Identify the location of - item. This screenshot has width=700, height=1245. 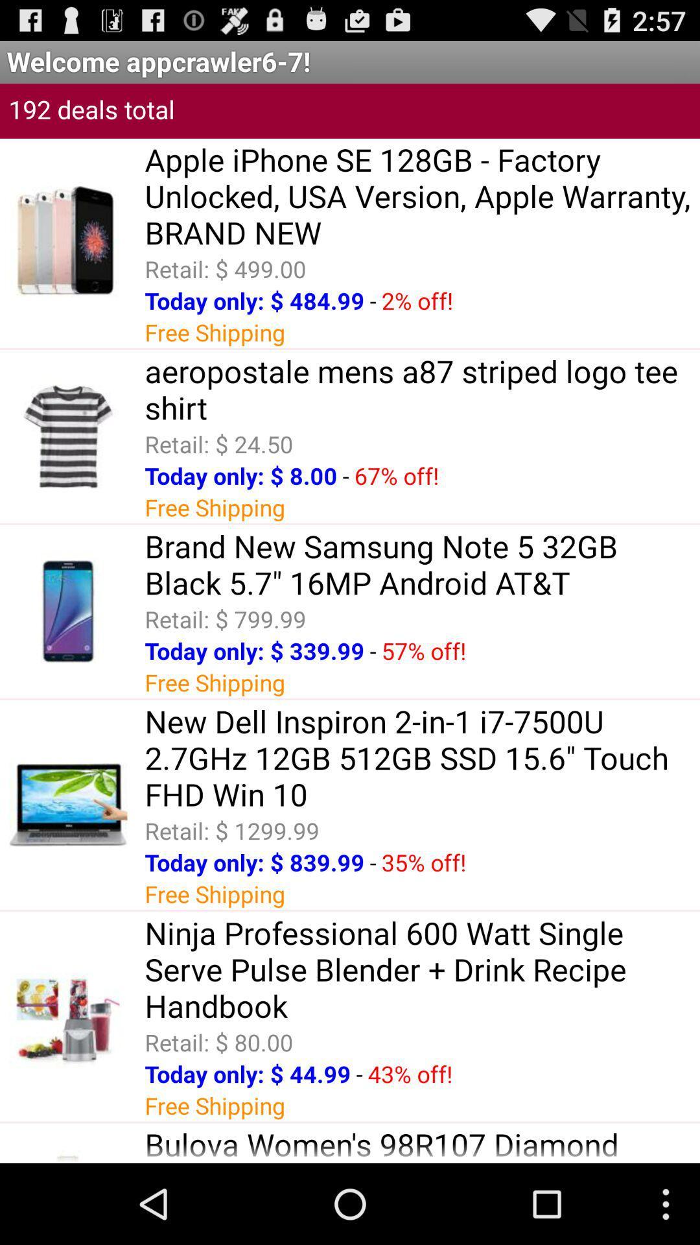
(359, 1074).